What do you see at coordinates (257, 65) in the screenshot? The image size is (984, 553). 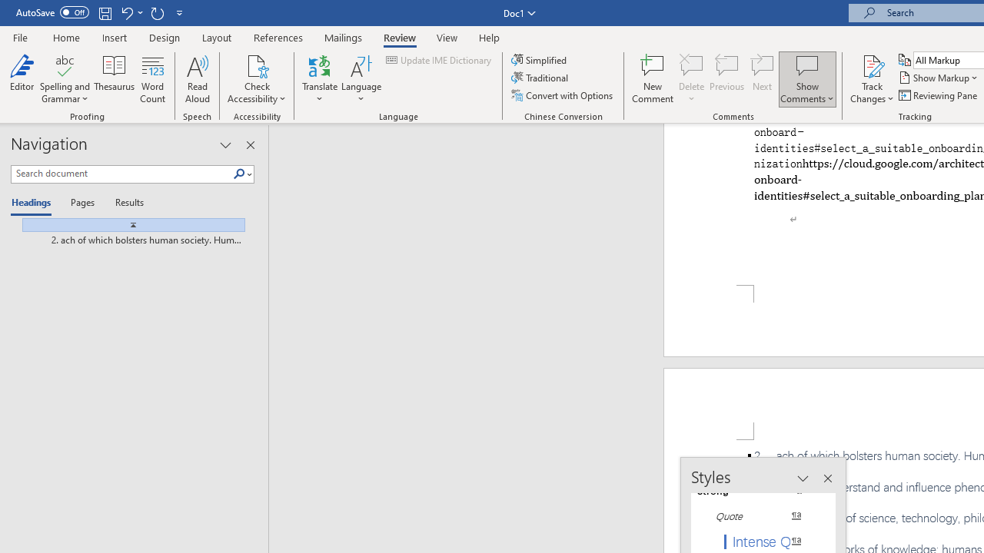 I see `'Check Accessibility'` at bounding box center [257, 65].